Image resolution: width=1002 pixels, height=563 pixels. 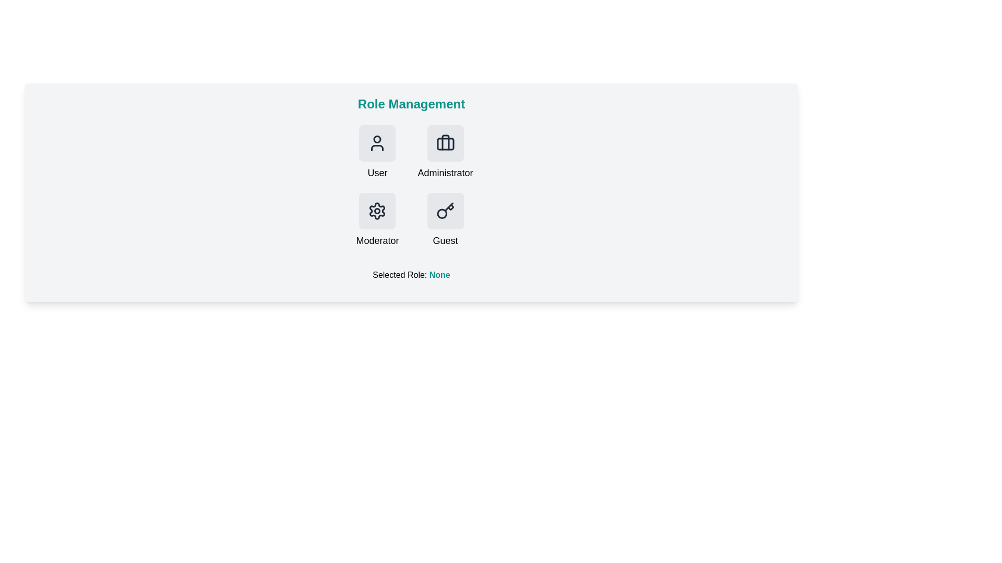 What do you see at coordinates (377, 211) in the screenshot?
I see `the settings icon located in the bottom-left 'Moderator' icon block under the 'Role Management' title` at bounding box center [377, 211].